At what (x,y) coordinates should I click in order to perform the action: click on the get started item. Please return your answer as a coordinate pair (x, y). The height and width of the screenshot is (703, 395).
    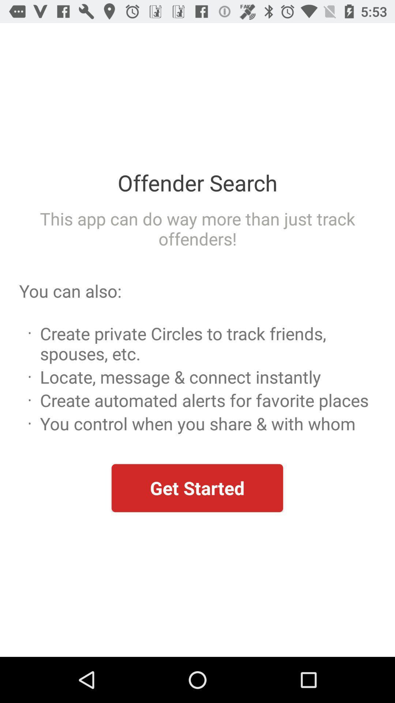
    Looking at the image, I should click on (197, 488).